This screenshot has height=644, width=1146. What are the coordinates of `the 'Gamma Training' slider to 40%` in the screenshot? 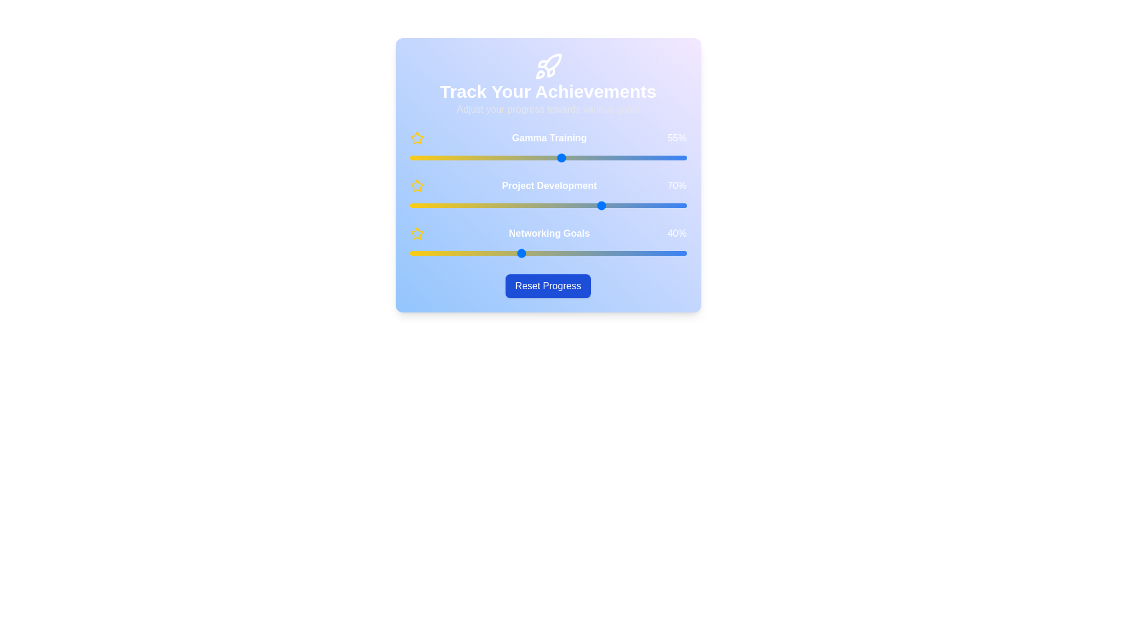 It's located at (520, 157).